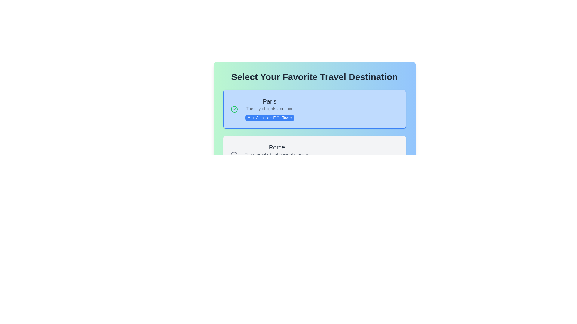 This screenshot has width=577, height=324. Describe the element at coordinates (269, 109) in the screenshot. I see `the non-interactive Text Label that provides supplementary information for the travel destination 'Paris', located below the heading 'Paris' and above the button labeled 'Main attraction: Eiffel Tower'` at that location.